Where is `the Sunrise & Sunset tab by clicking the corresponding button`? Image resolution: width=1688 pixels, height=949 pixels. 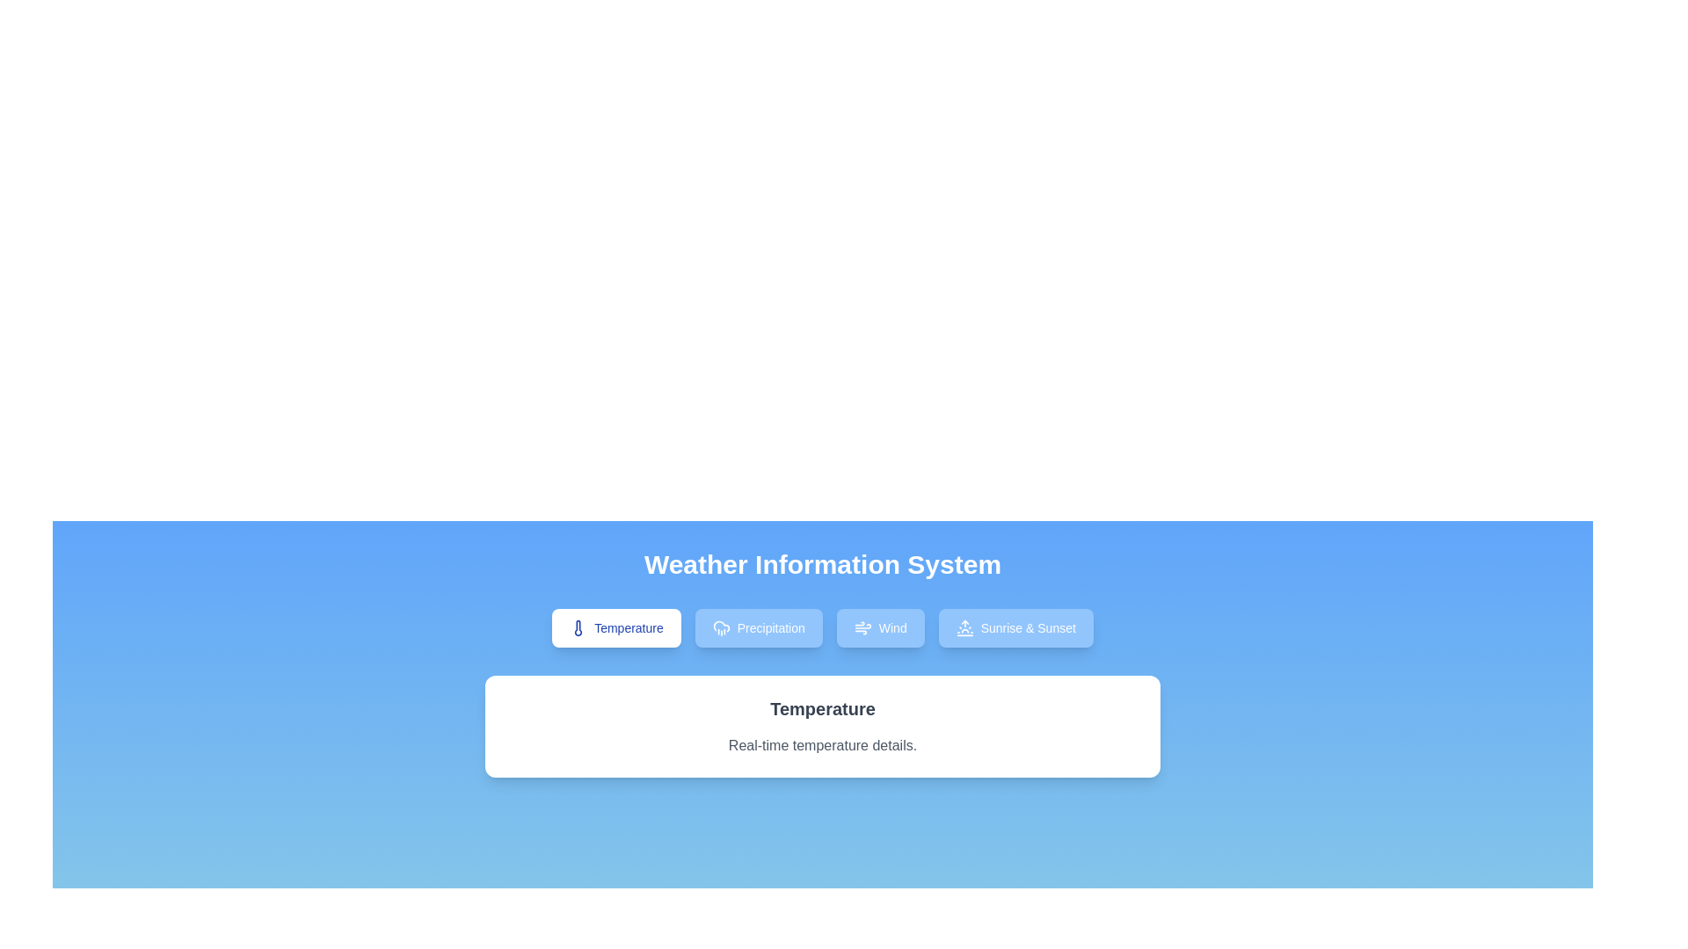 the Sunrise & Sunset tab by clicking the corresponding button is located at coordinates (1015, 627).